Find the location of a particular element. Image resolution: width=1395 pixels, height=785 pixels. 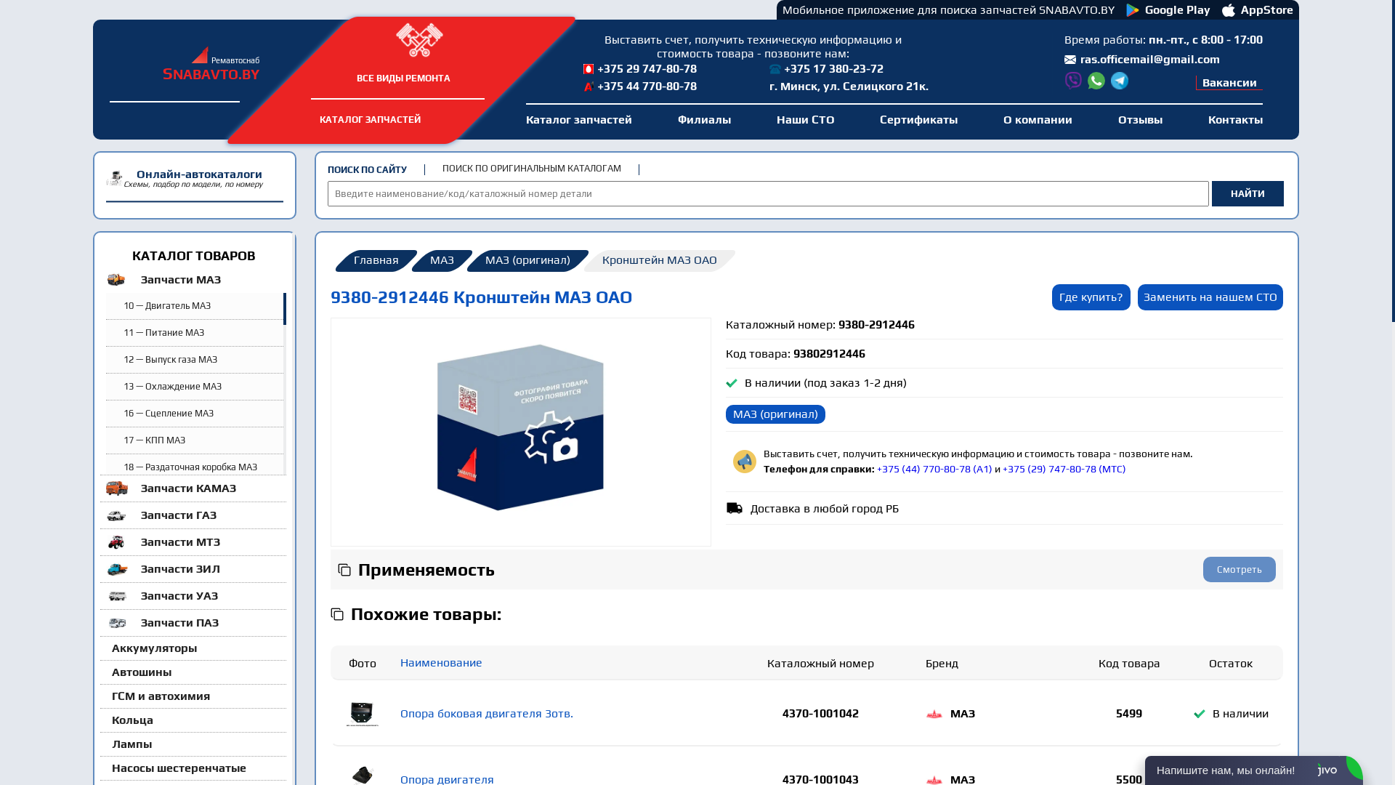

'AppStore' is located at coordinates (1221, 9).